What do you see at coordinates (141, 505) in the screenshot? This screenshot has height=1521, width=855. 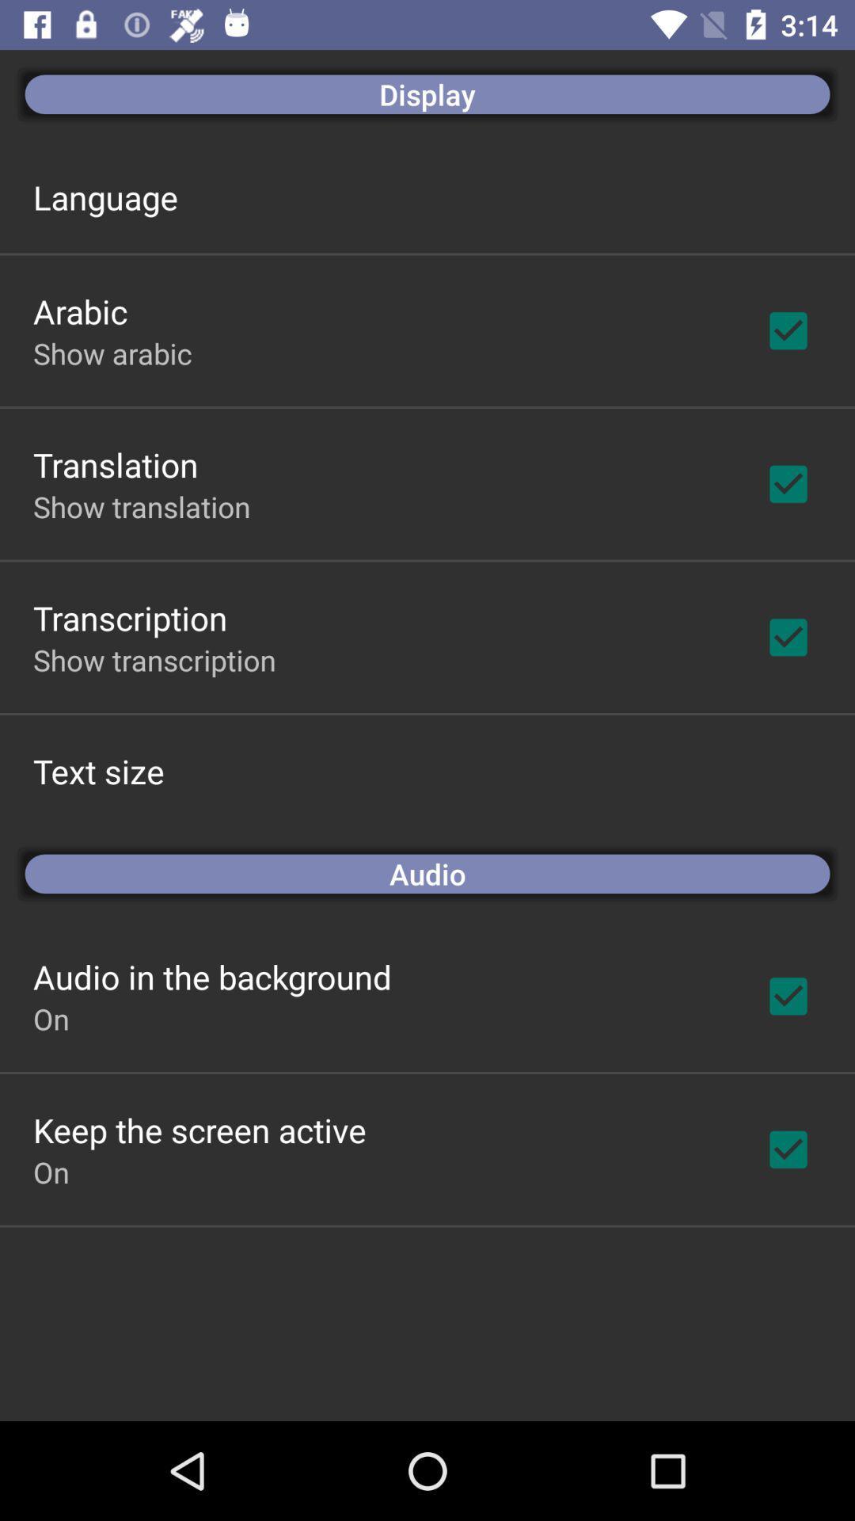 I see `item below translation icon` at bounding box center [141, 505].